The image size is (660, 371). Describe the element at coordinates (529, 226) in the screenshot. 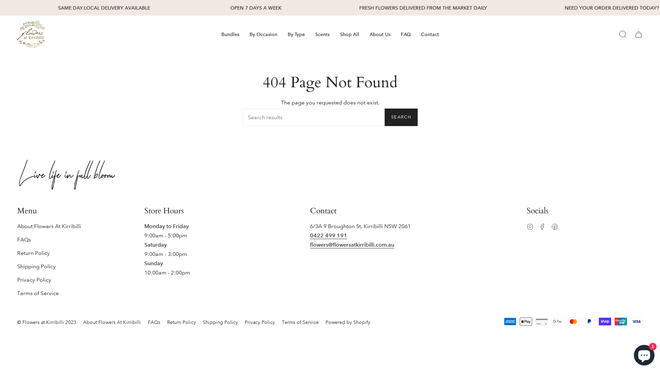

I see `'Instagram'` at that location.